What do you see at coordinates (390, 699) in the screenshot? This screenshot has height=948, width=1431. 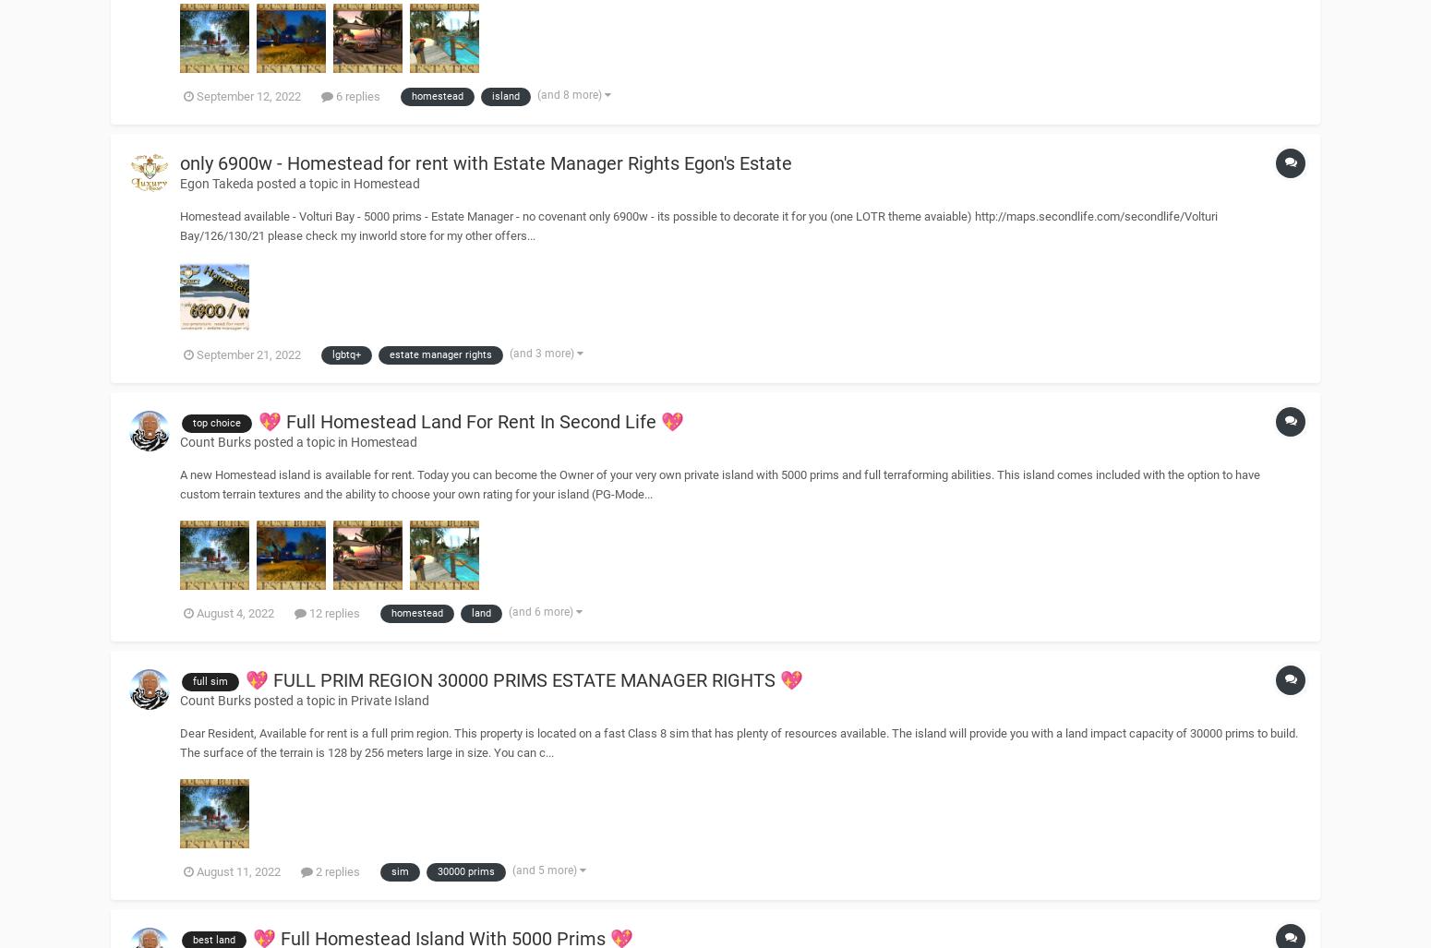 I see `'Private Island'` at bounding box center [390, 699].